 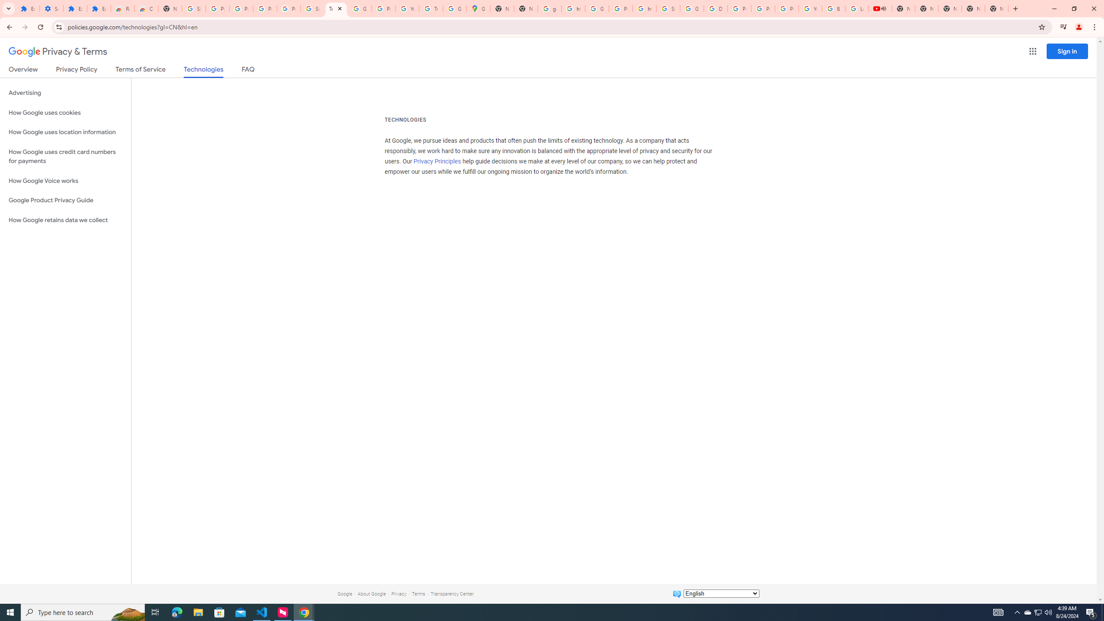 What do you see at coordinates (65, 112) in the screenshot?
I see `'How Google uses cookies'` at bounding box center [65, 112].